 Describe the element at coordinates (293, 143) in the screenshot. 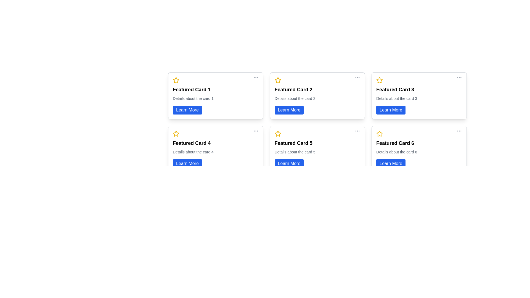

I see `the Text Label element that serves as the title for the fifth card in a 2-row layout of six cards, located centrally between the star icon above and the description text below` at that location.